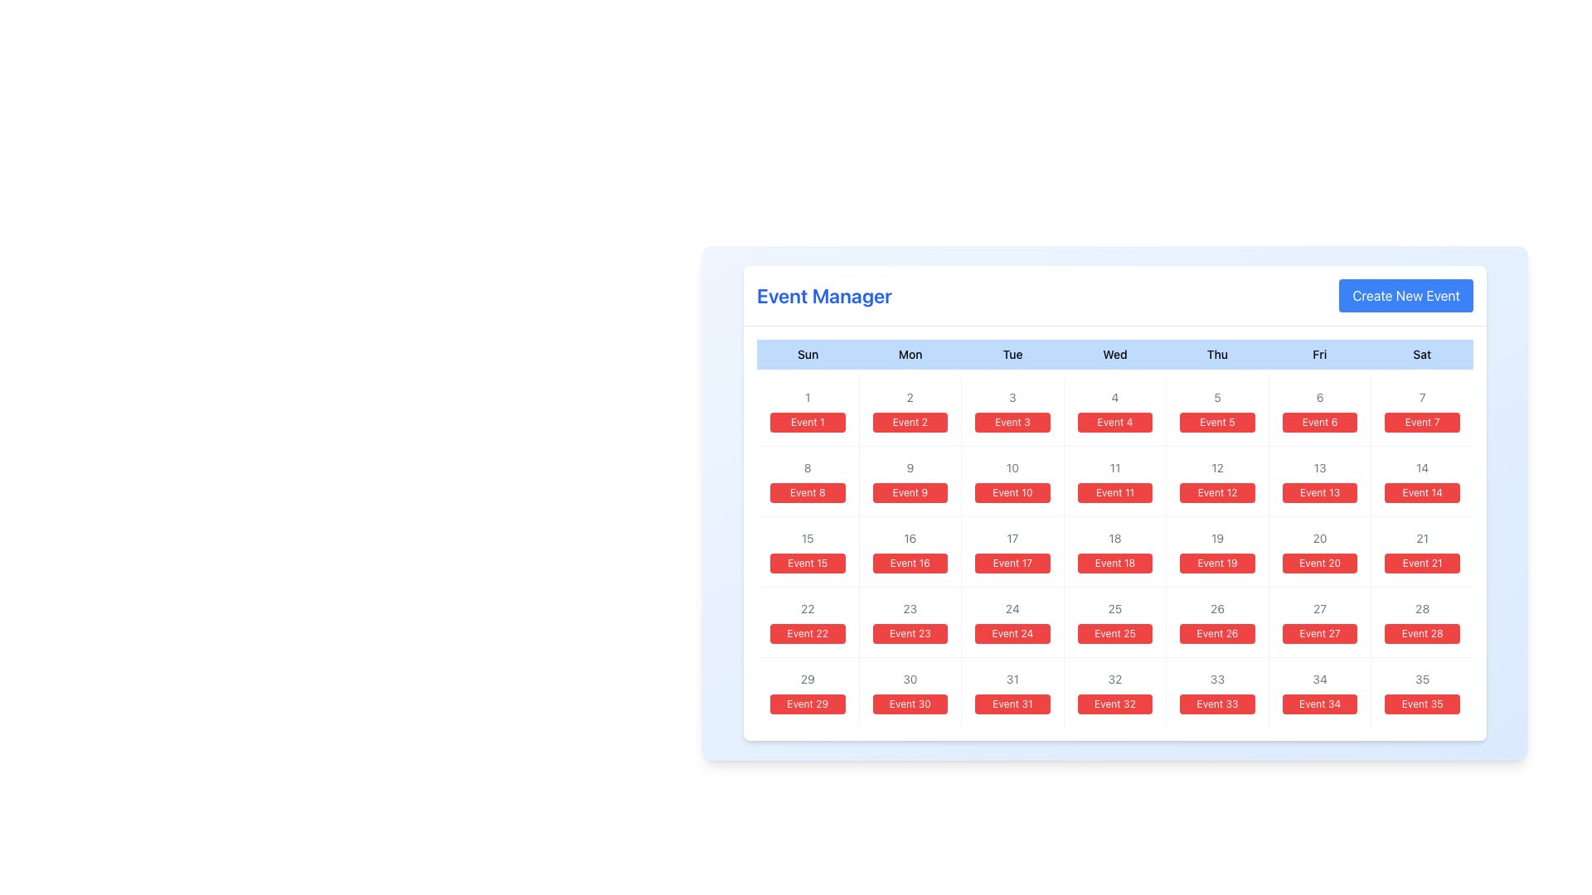  What do you see at coordinates (1217, 633) in the screenshot?
I see `the Badge element labeled 'Event 26' with a bright red background located in the fourth column of the fourth row of the calendar grid` at bounding box center [1217, 633].